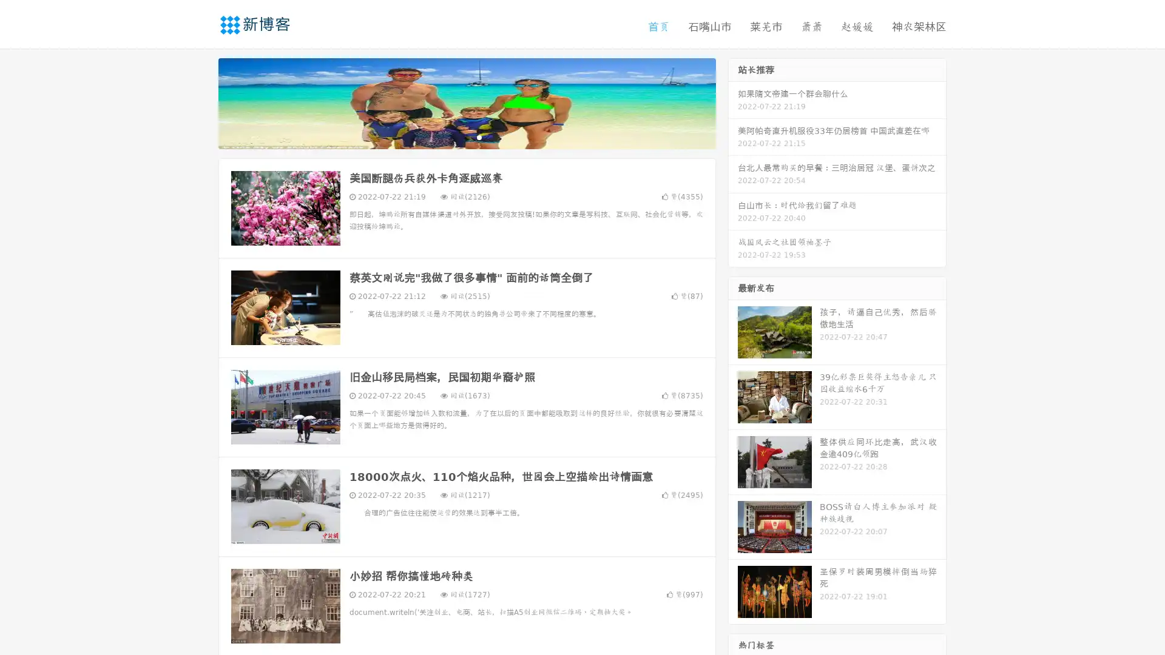 The image size is (1165, 655). I want to click on Previous slide, so click(200, 102).